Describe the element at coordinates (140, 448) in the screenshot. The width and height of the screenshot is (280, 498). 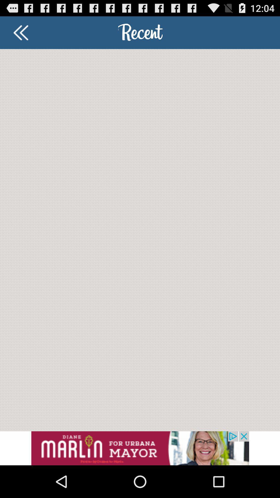
I see `open advertisement` at that location.